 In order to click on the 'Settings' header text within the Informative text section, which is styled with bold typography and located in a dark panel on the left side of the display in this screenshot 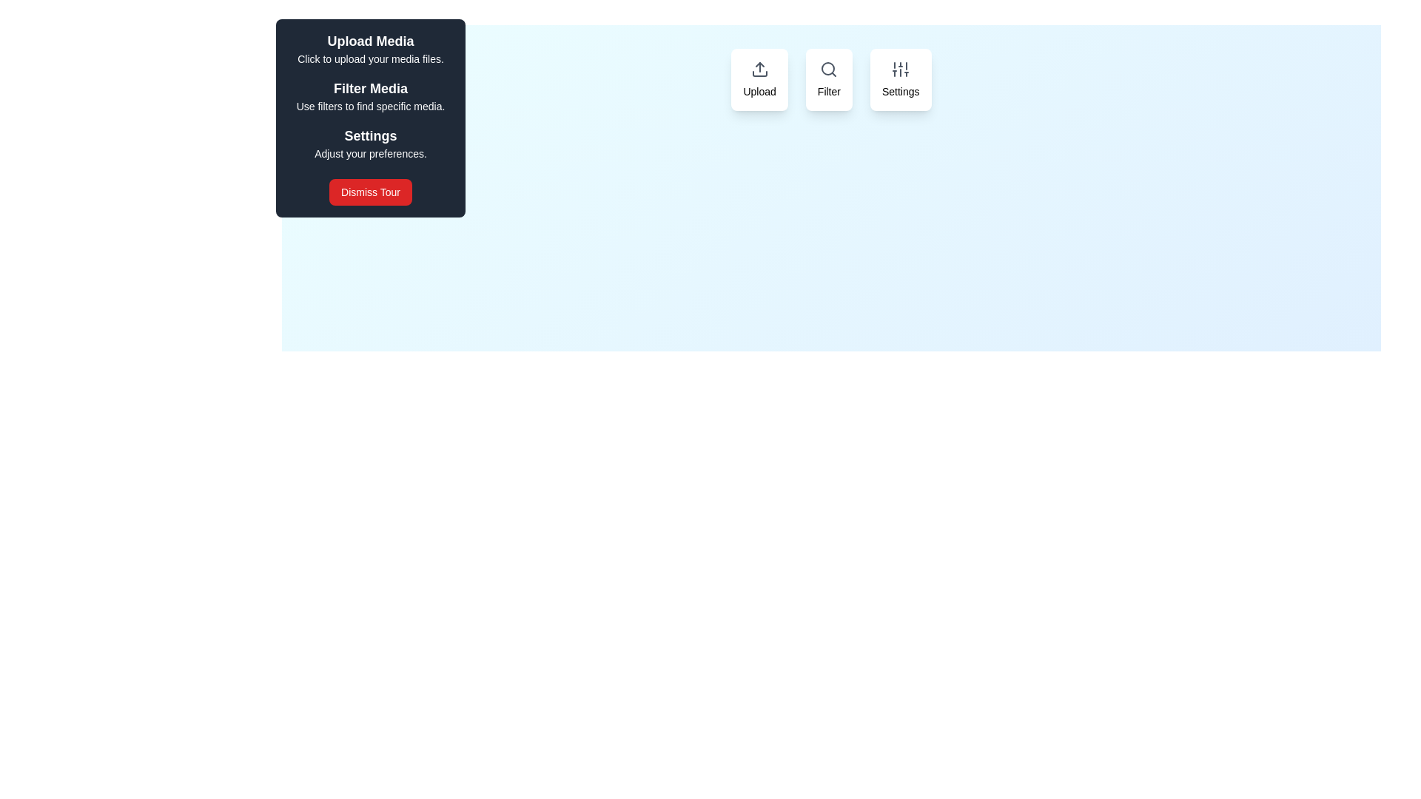, I will do `click(370, 143)`.